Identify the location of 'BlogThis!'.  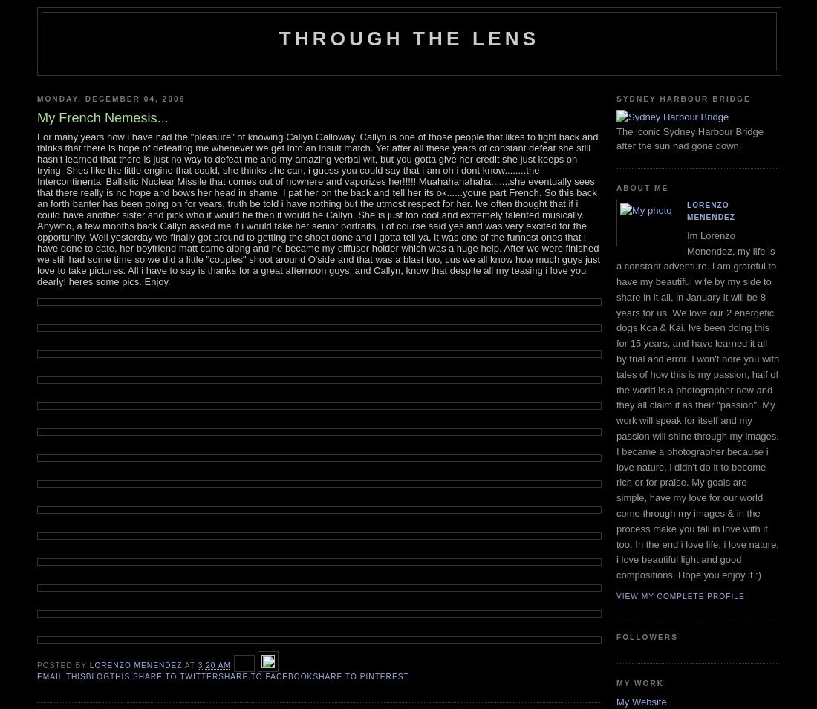
(108, 676).